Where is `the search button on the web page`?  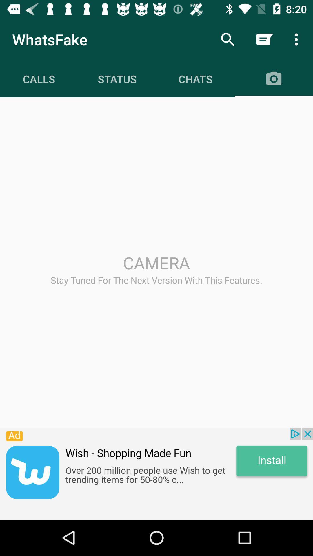 the search button on the web page is located at coordinates (228, 39).